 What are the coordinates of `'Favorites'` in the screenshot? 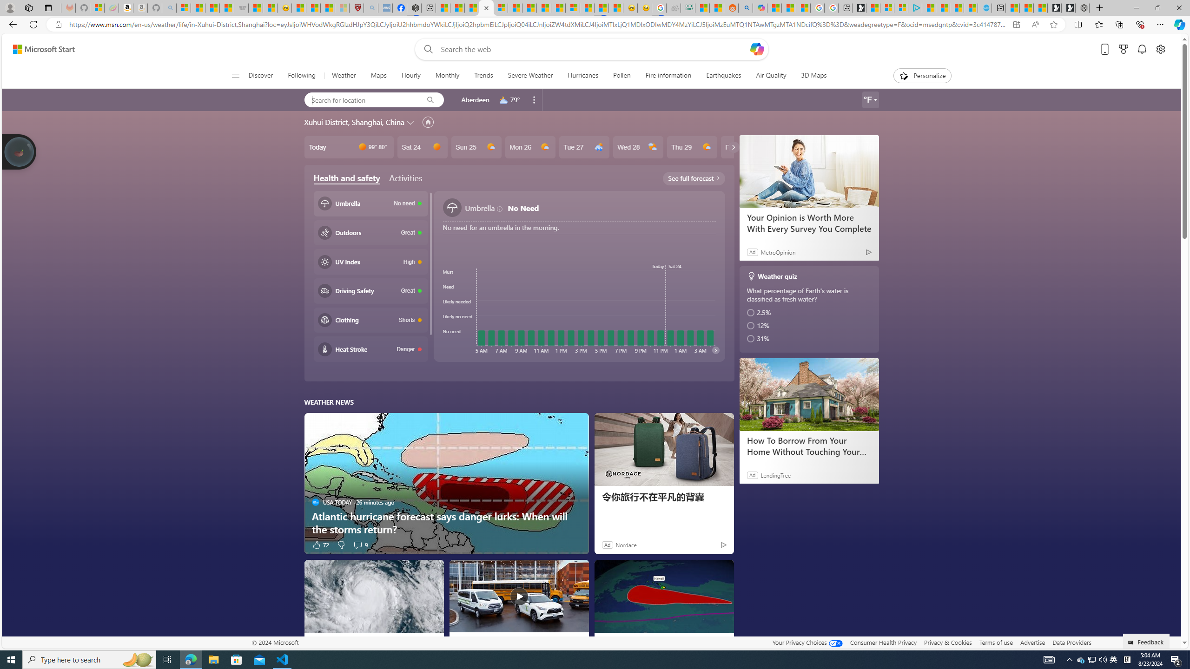 It's located at (1099, 24).